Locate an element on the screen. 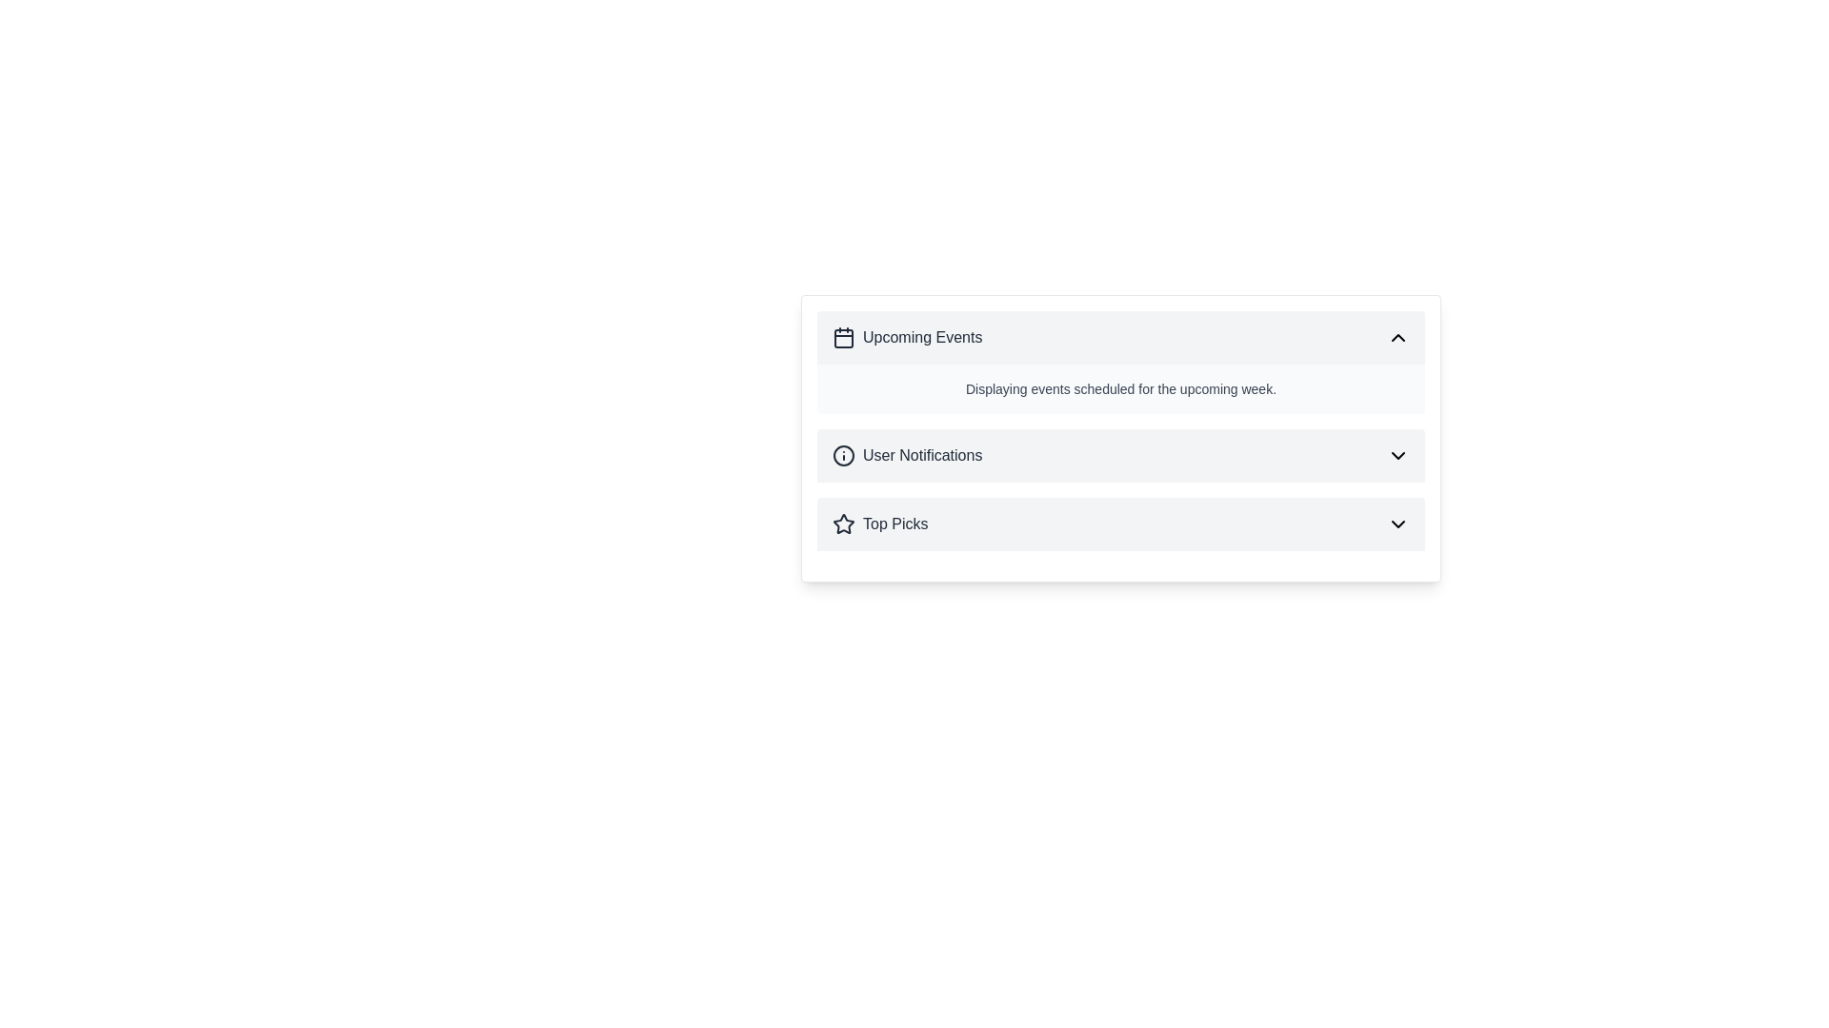 The width and height of the screenshot is (1829, 1028). the central circular component of the information icon in the 'User Notifications' section, which is a filled circle with a 10-pixel radius is located at coordinates (843, 455).